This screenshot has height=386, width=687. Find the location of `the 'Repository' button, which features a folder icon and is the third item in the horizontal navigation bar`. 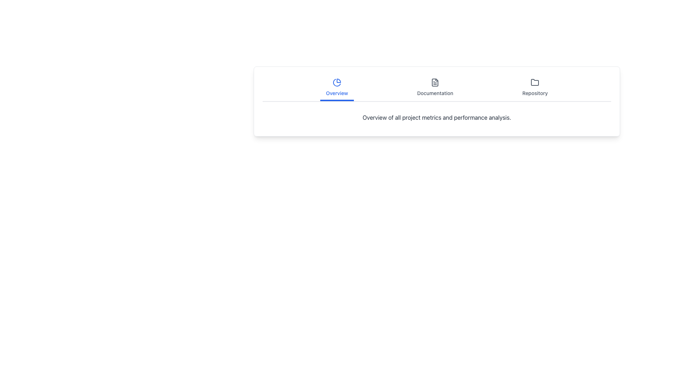

the 'Repository' button, which features a folder icon and is the third item in the horizontal navigation bar is located at coordinates (535, 88).